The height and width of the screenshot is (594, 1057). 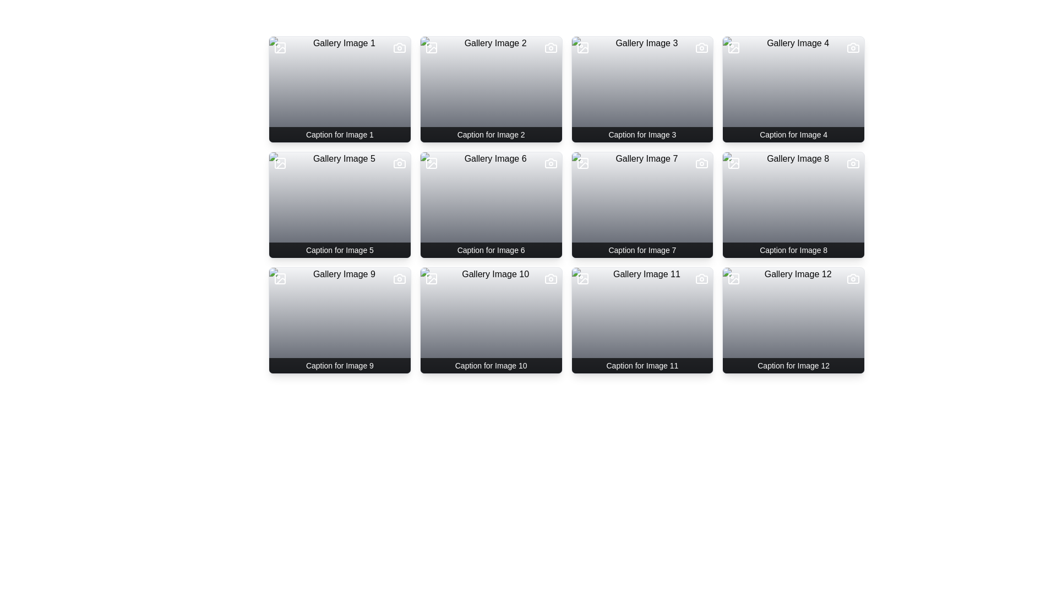 I want to click on the image icon in the top-left corner of the gallery item labeled 'Caption for Image 12', which has a white border and a semi-transparent background, so click(x=734, y=278).